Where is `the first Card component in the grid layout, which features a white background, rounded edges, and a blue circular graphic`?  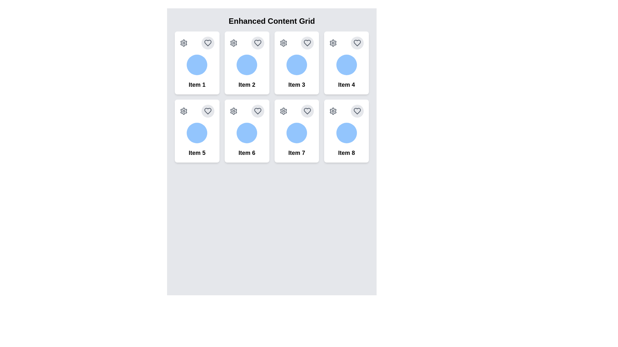 the first Card component in the grid layout, which features a white background, rounded edges, and a blue circular graphic is located at coordinates (197, 63).